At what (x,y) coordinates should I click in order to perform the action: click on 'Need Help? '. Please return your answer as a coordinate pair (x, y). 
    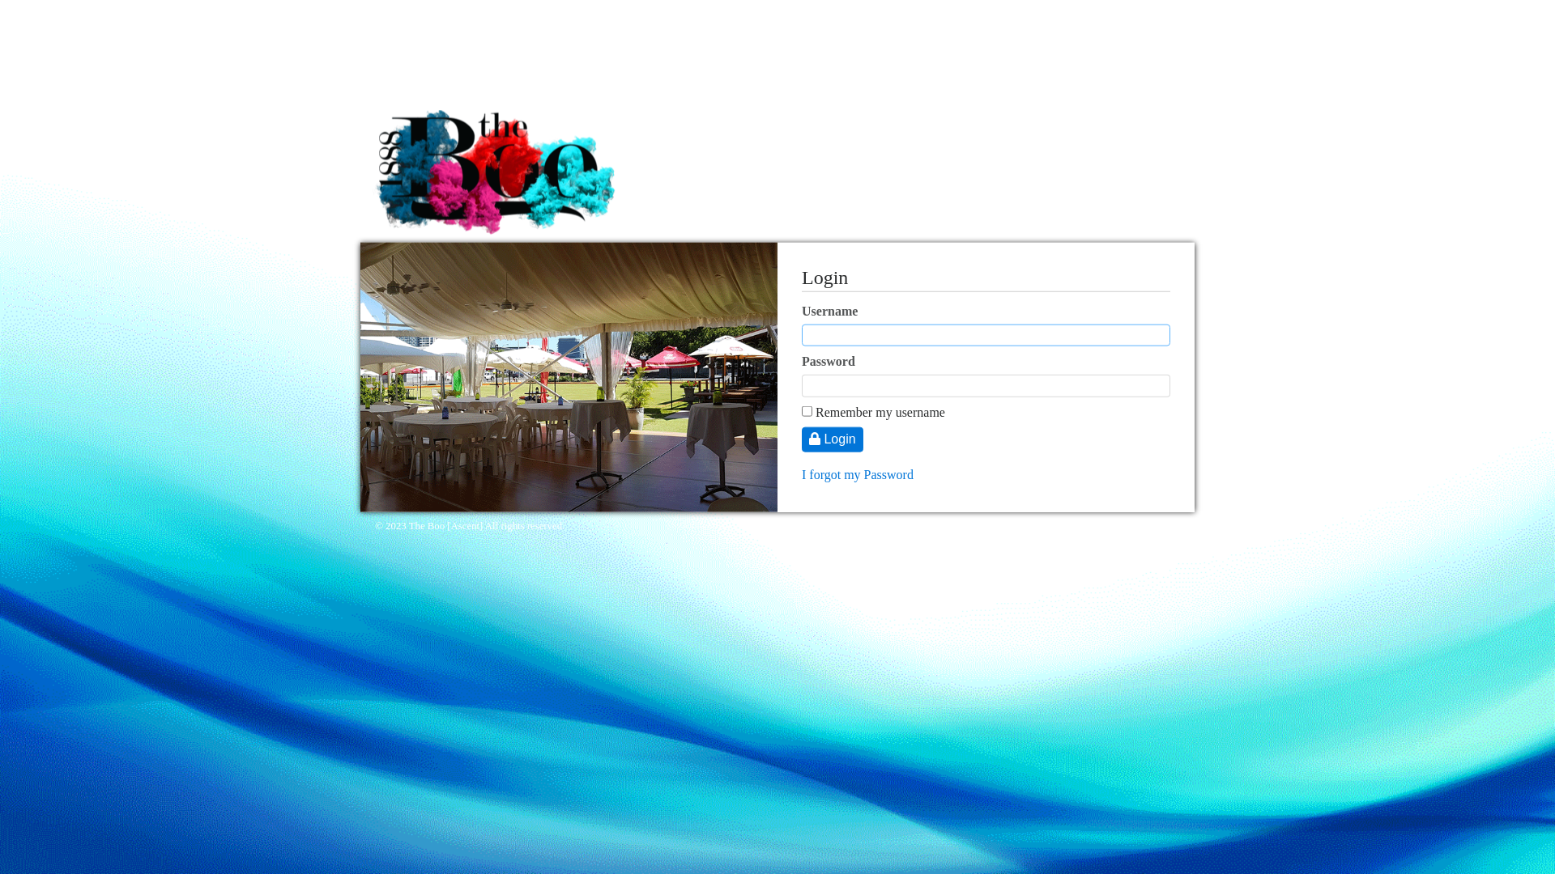
    Looking at the image, I should click on (1155, 526).